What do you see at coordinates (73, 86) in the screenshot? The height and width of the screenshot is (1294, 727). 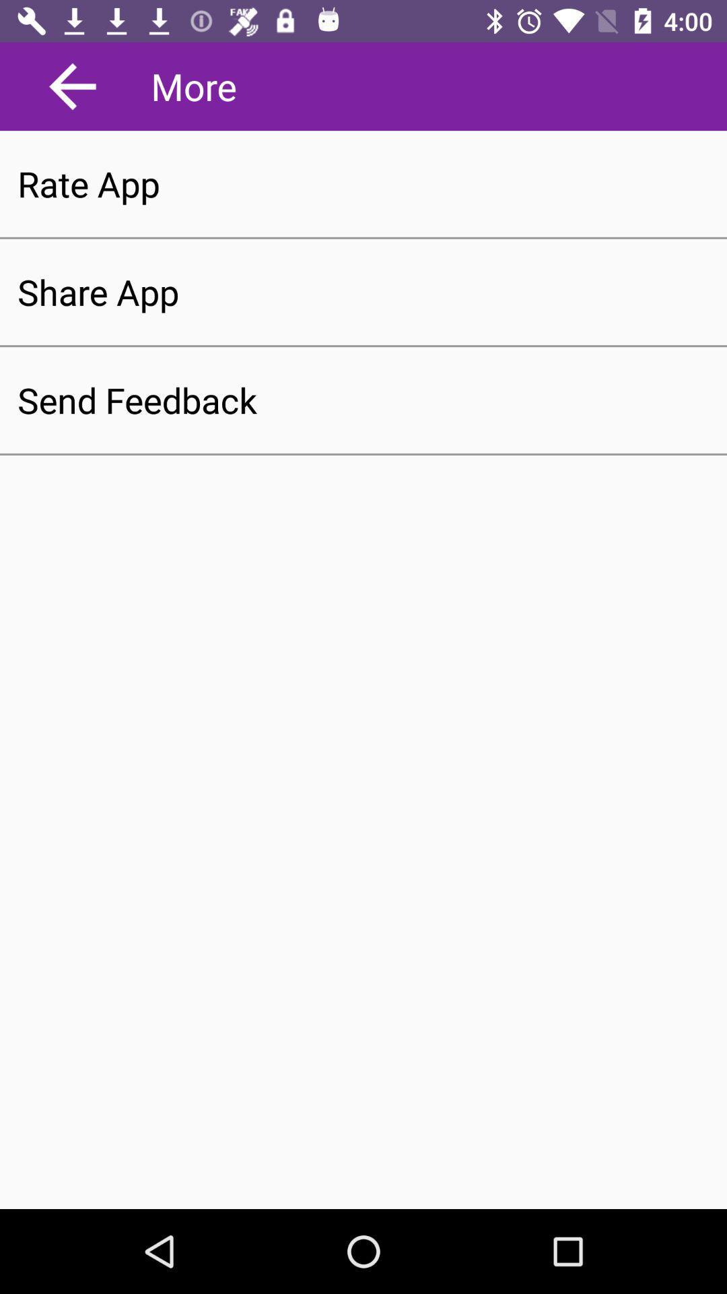 I see `the item at the top left corner` at bounding box center [73, 86].